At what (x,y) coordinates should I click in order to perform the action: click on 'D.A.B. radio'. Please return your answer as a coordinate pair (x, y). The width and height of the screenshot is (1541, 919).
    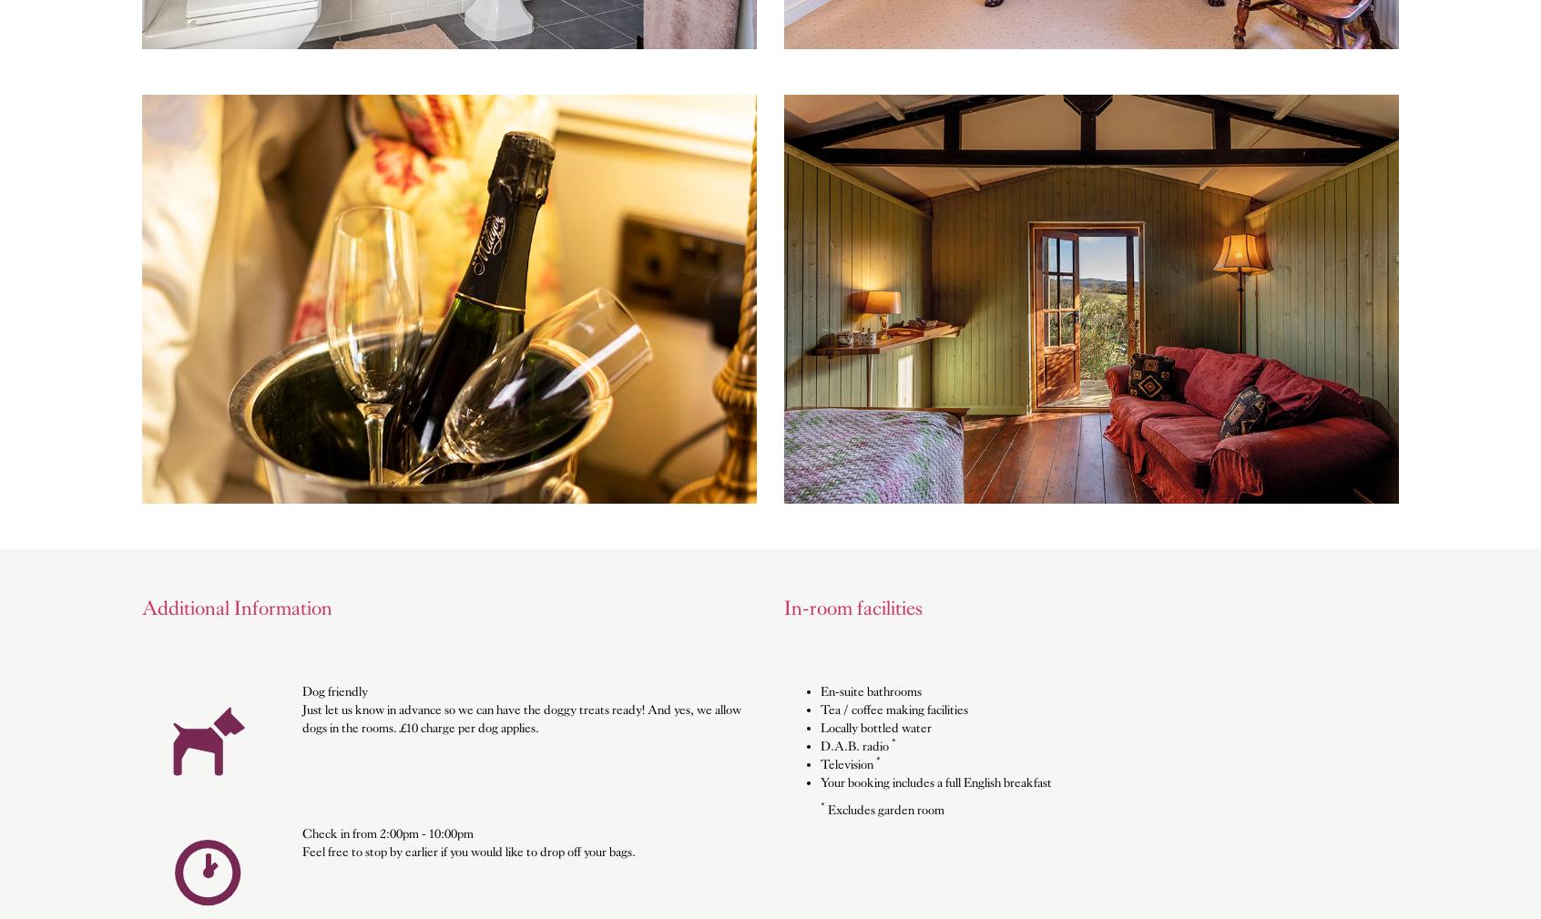
    Looking at the image, I should click on (855, 745).